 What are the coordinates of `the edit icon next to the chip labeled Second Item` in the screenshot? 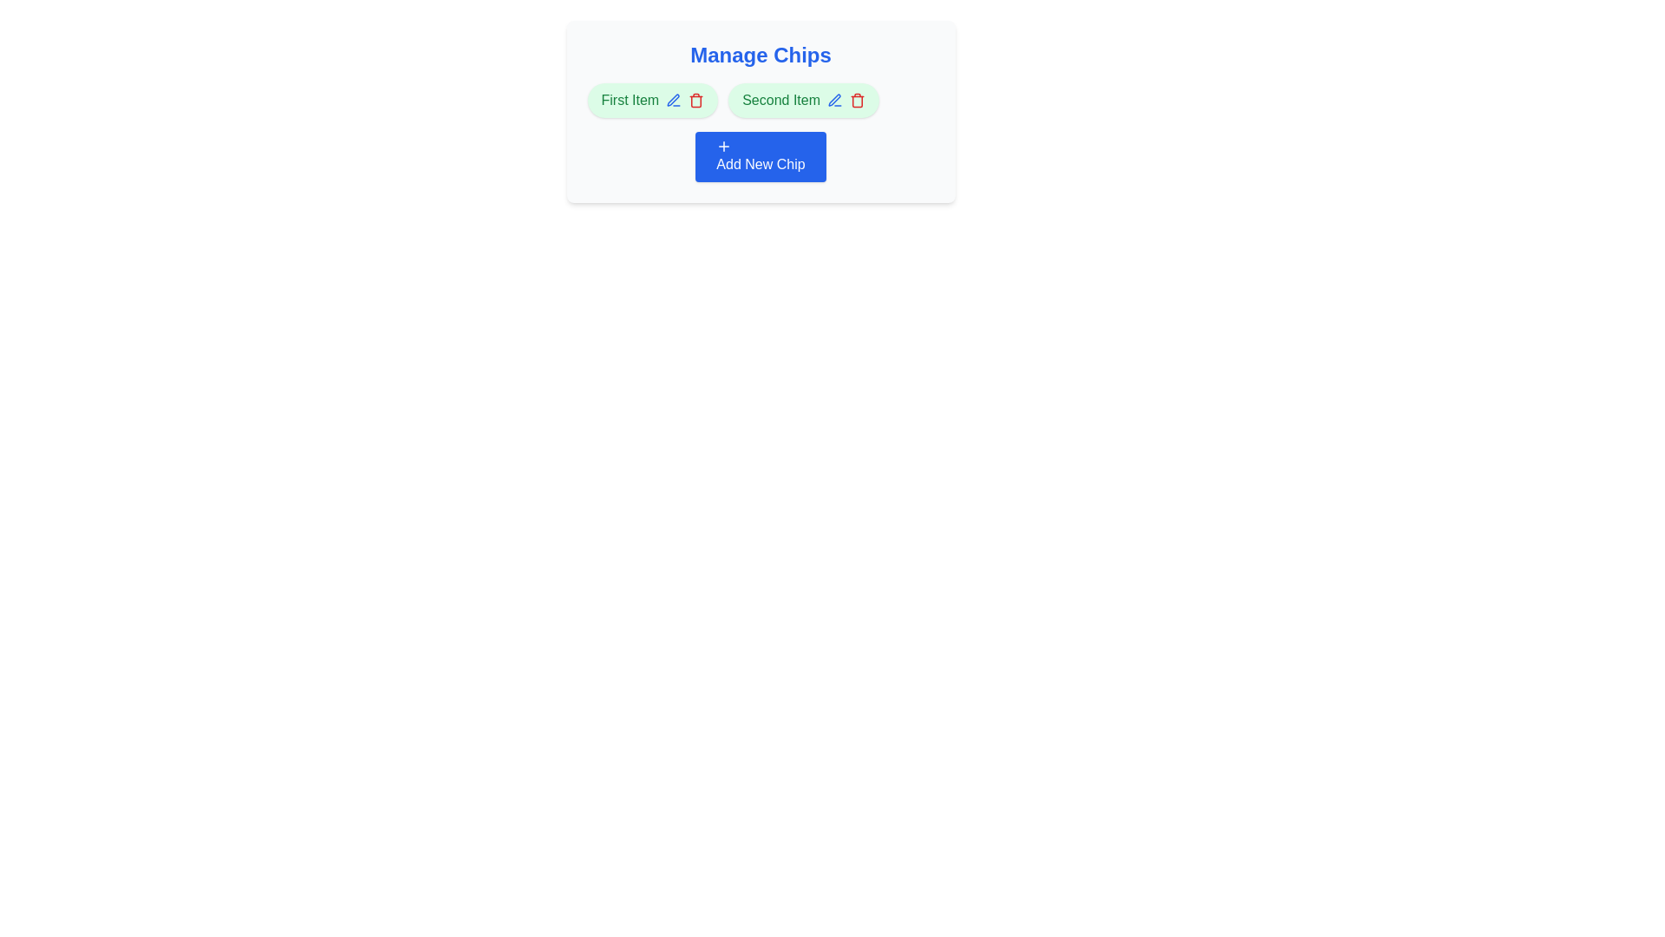 It's located at (835, 100).